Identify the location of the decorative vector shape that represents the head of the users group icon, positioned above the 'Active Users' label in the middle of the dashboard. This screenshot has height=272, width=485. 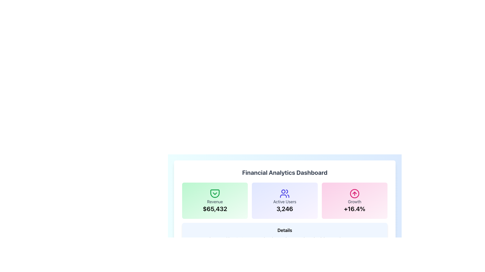
(283, 191).